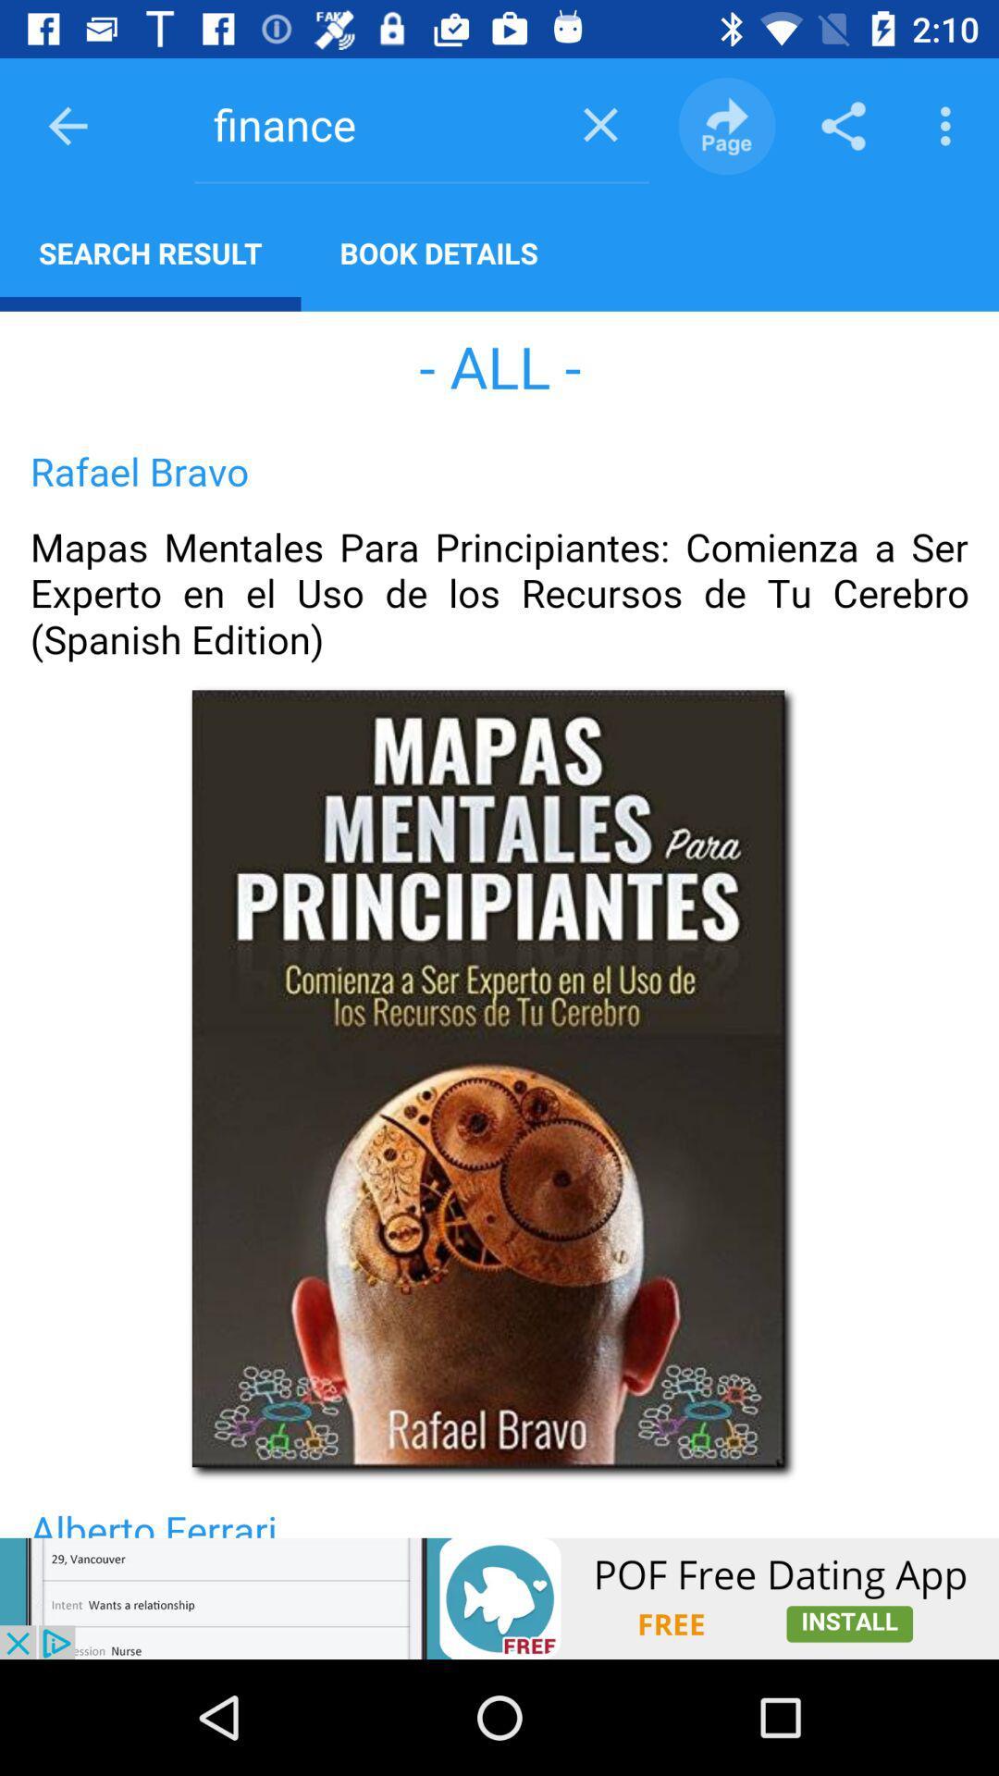 The height and width of the screenshot is (1776, 999). I want to click on the arrow_backward icon, so click(67, 125).